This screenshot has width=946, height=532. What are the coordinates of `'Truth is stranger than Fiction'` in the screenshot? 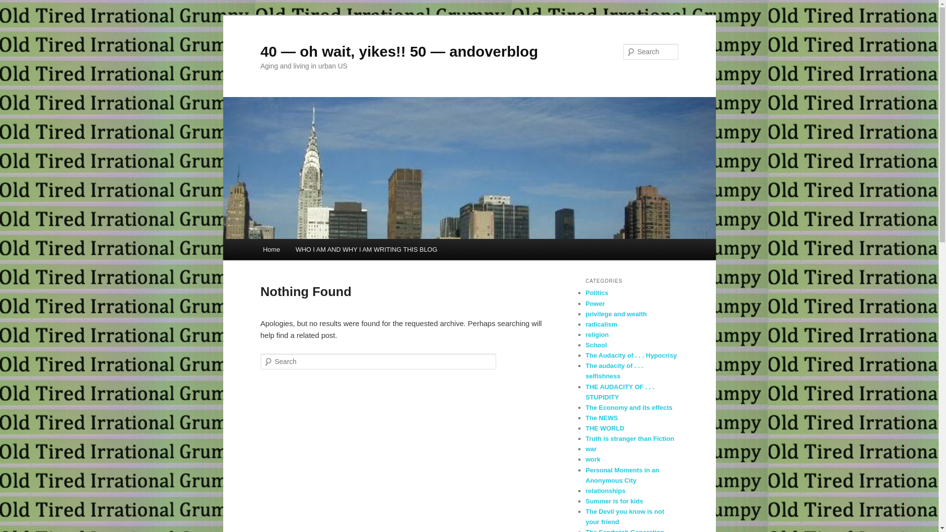 It's located at (629, 438).